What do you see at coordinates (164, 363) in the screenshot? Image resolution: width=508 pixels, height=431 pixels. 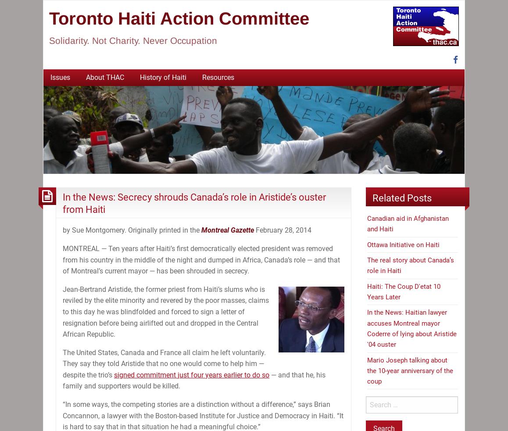 I see `'The United States, Canada and France all claim he left voluntarily. They say they told Aristide that no one would come to help him — despite the trio’s'` at bounding box center [164, 363].